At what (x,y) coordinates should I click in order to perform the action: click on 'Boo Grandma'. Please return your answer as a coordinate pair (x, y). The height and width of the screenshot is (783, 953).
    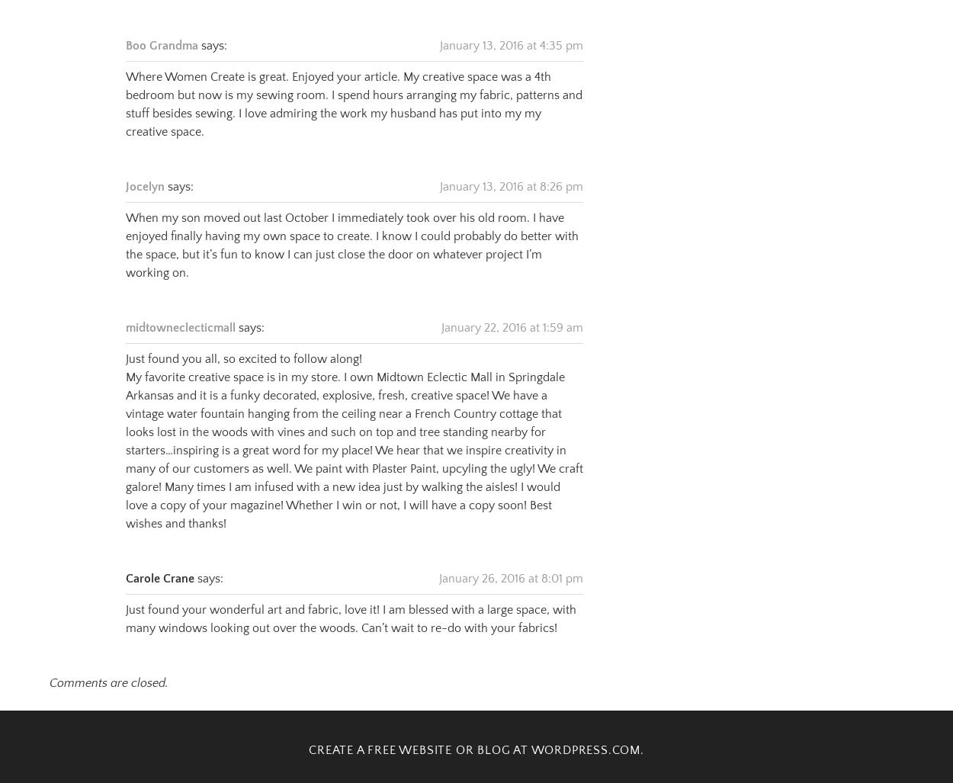
    Looking at the image, I should click on (161, 27).